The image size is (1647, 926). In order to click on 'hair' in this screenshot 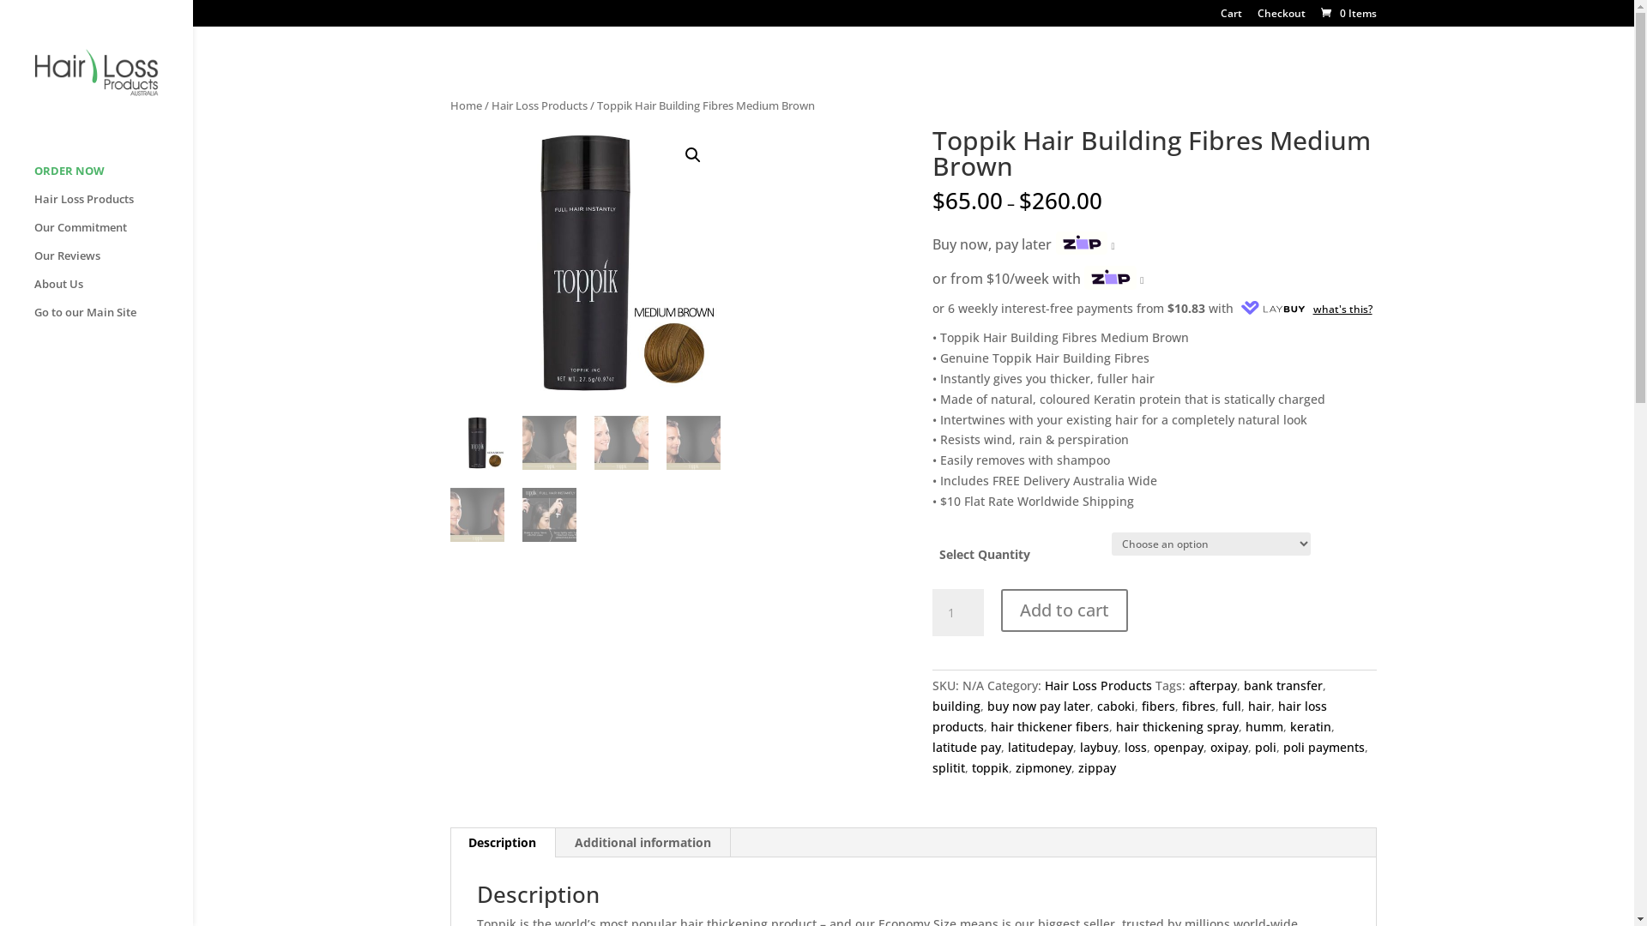, I will do `click(1247, 706)`.